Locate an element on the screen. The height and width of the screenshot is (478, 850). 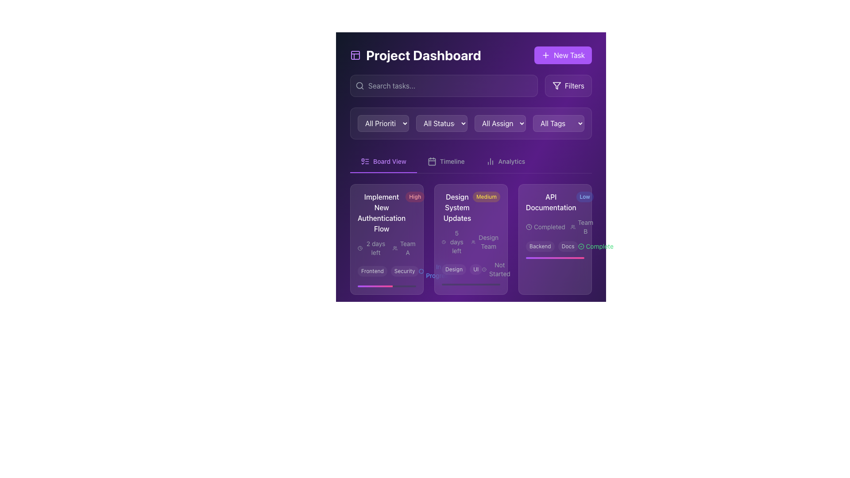
the 'Backend' badge, which is a white rounded rectangle with gray text is located at coordinates (540, 380).